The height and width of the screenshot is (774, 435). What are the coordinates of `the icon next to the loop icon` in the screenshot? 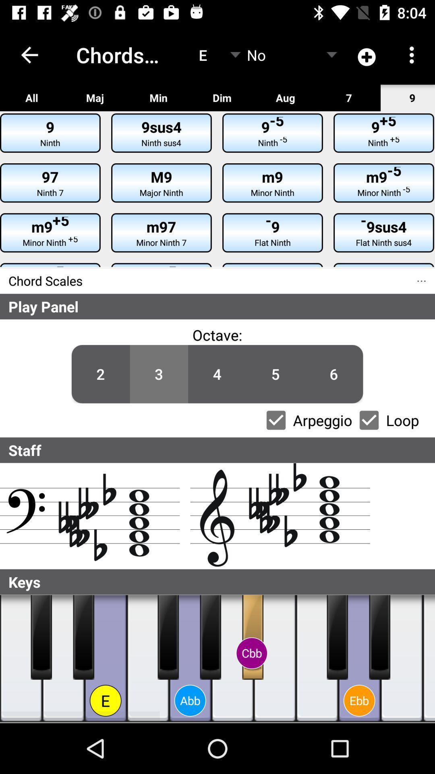 It's located at (334, 374).